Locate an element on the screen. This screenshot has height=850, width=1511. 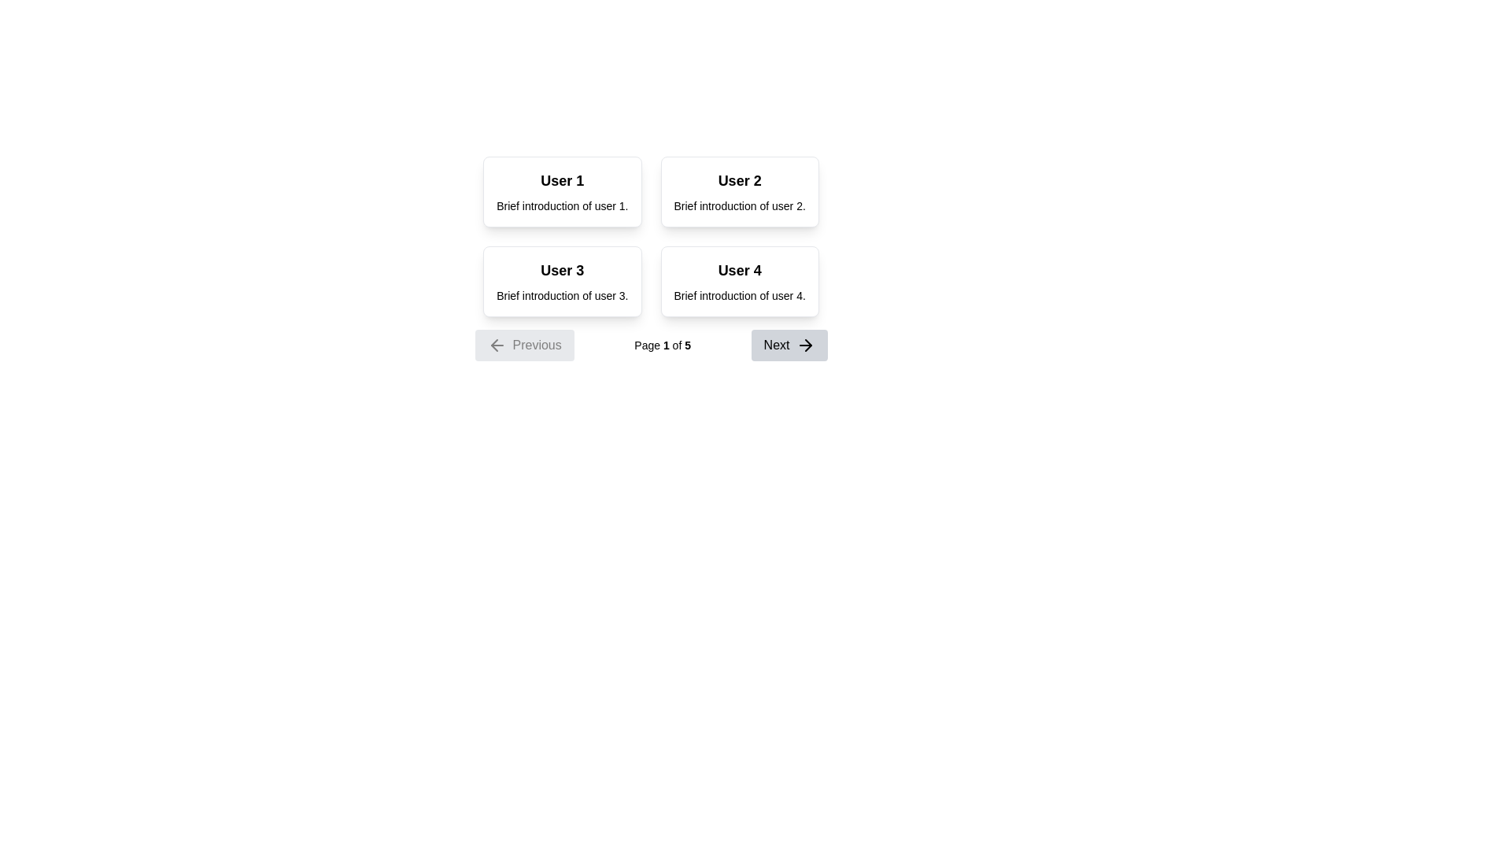
the text label that displays the current page number and total pages, located centrally between the 'Previous' and 'Next' buttons is located at coordinates (663, 345).